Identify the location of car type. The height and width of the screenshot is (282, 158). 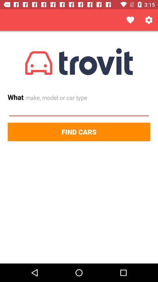
(79, 110).